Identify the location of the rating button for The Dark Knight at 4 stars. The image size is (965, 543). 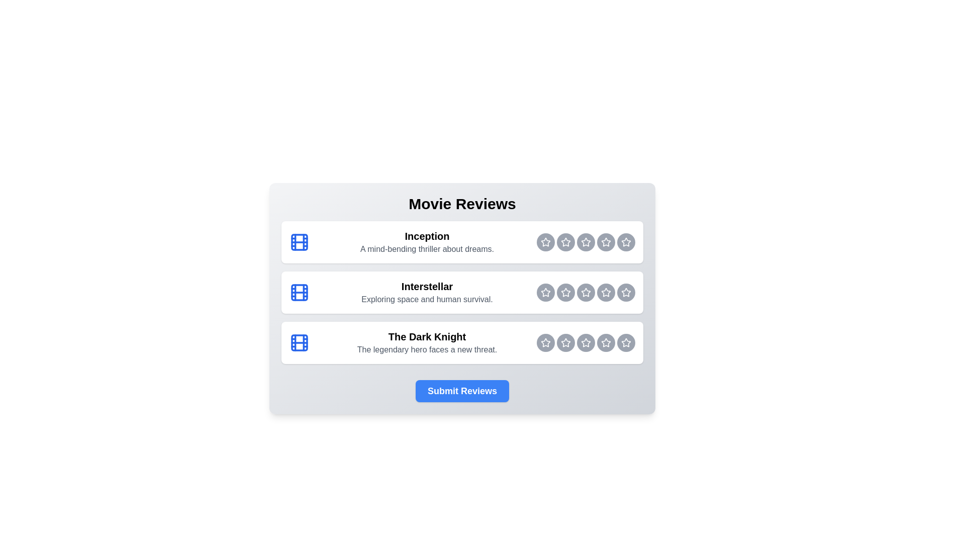
(605, 342).